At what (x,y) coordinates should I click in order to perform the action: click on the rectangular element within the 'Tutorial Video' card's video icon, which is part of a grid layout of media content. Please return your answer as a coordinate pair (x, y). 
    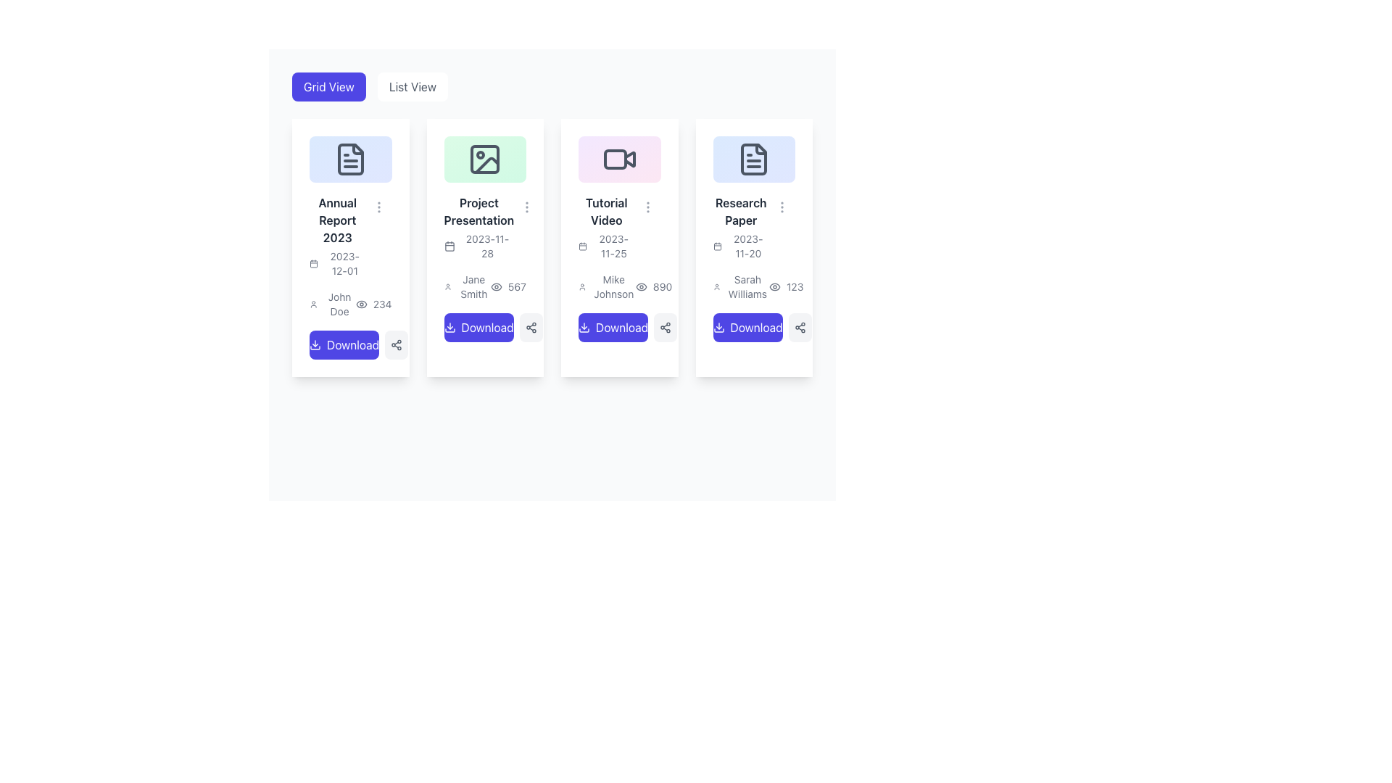
    Looking at the image, I should click on (615, 159).